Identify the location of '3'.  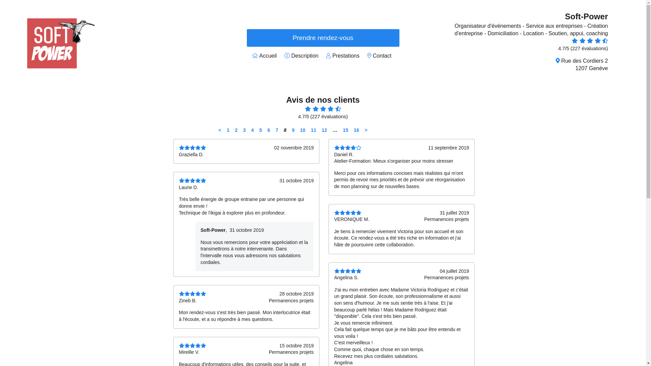
(244, 130).